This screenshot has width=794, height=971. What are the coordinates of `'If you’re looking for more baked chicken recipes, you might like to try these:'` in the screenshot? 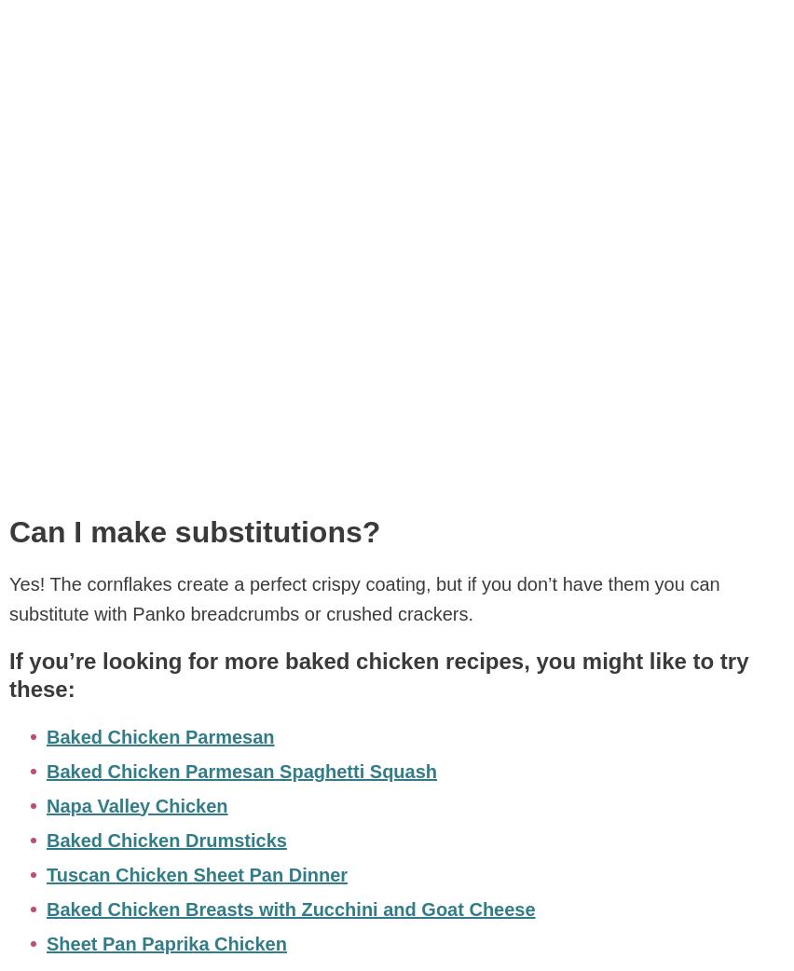 It's located at (378, 673).